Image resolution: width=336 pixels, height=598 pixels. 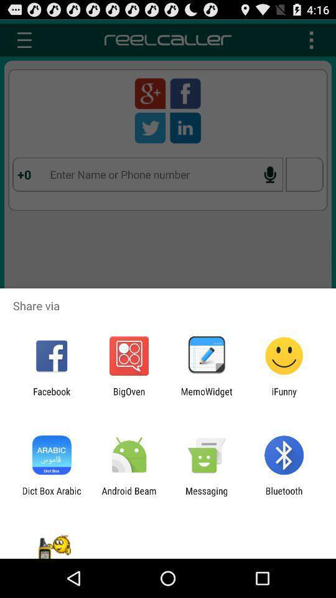 I want to click on the app to the left of the bigoven, so click(x=51, y=396).